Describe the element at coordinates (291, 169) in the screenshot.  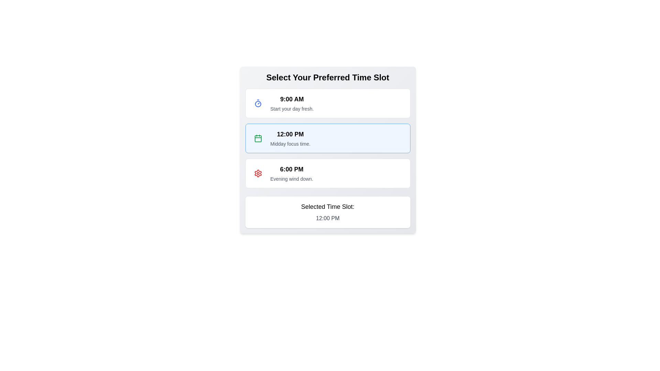
I see `the Text Label displaying '6:00 PM', which is part of the selectable time slot options in the evening schedule section` at that location.